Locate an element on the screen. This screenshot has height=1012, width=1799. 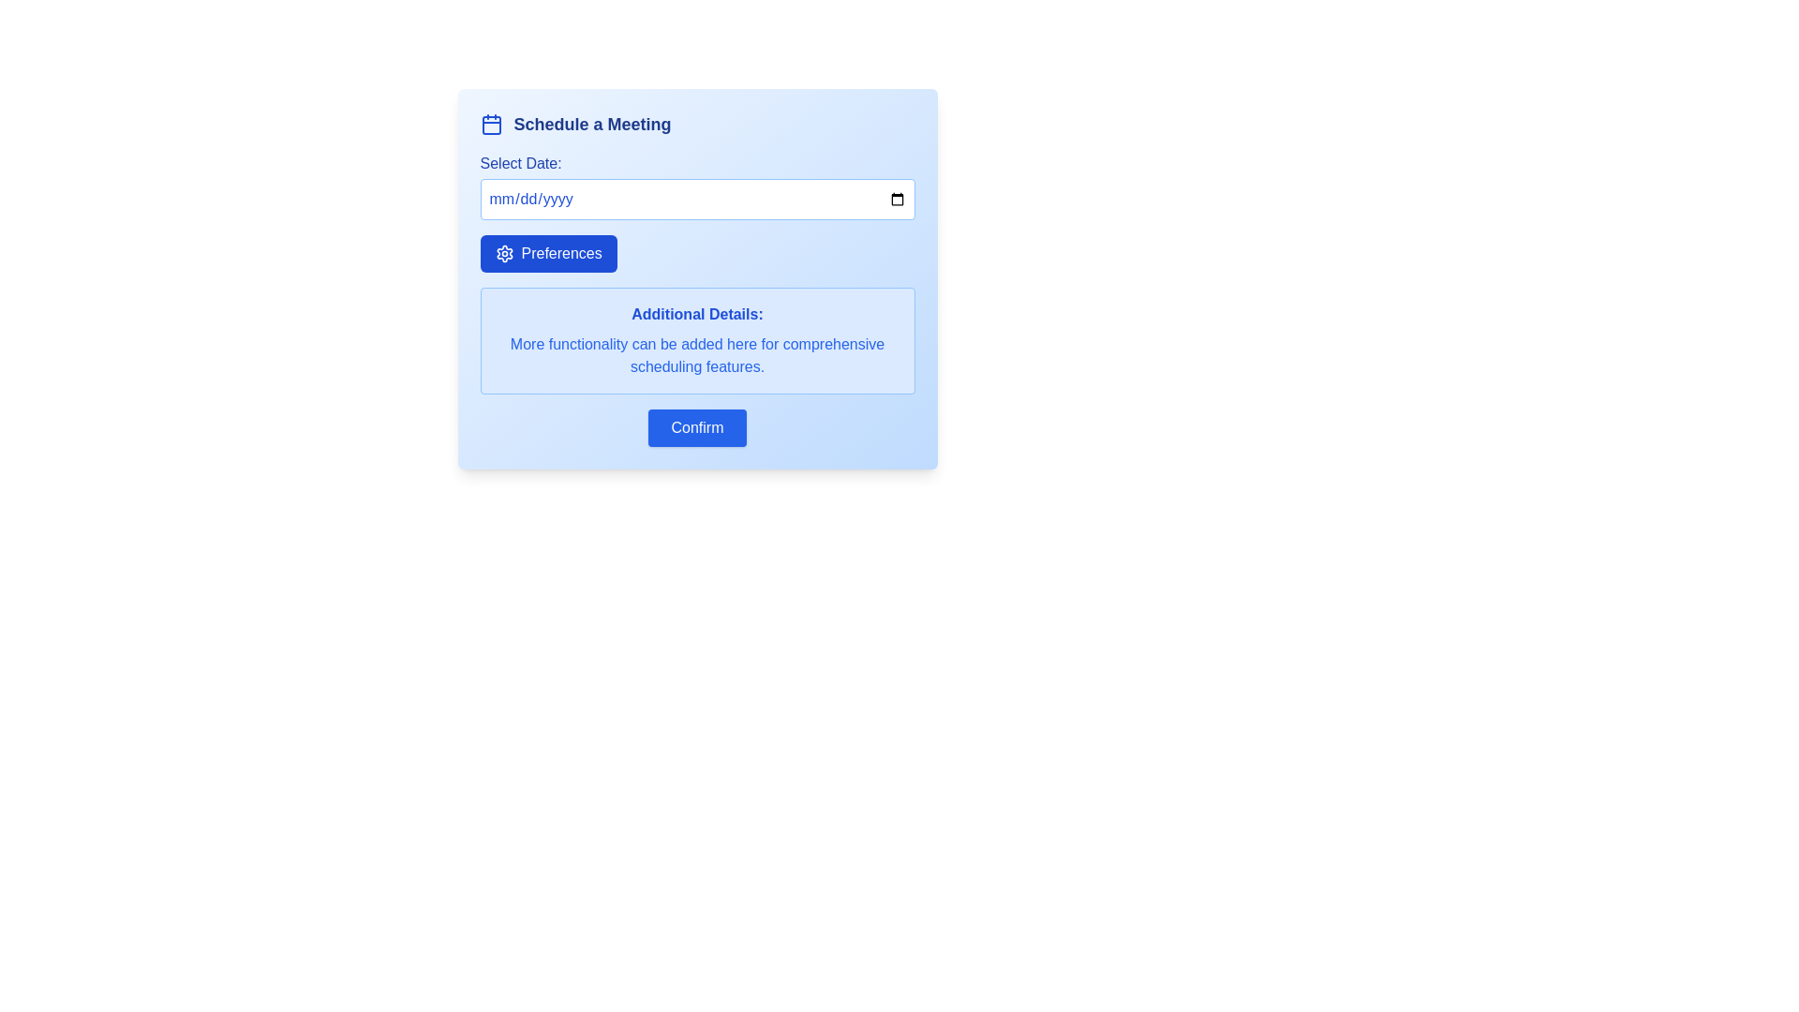
the submit button located at the bottom of the 'Schedule a Meeting' panel, just below the 'Additional Details' section is located at coordinates (696, 427).